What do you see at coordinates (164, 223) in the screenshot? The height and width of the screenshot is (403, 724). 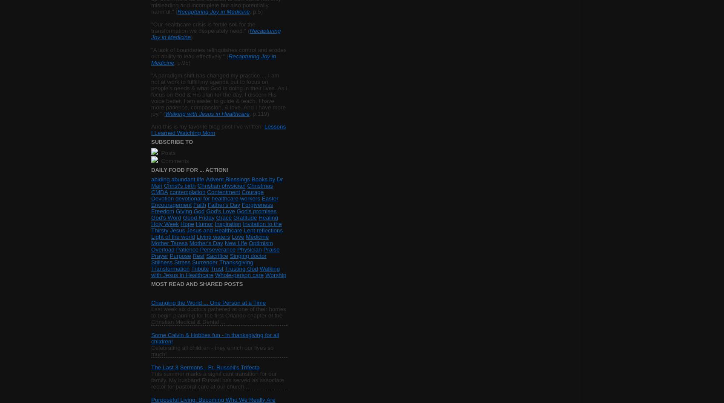 I see `'Holy Week'` at bounding box center [164, 223].